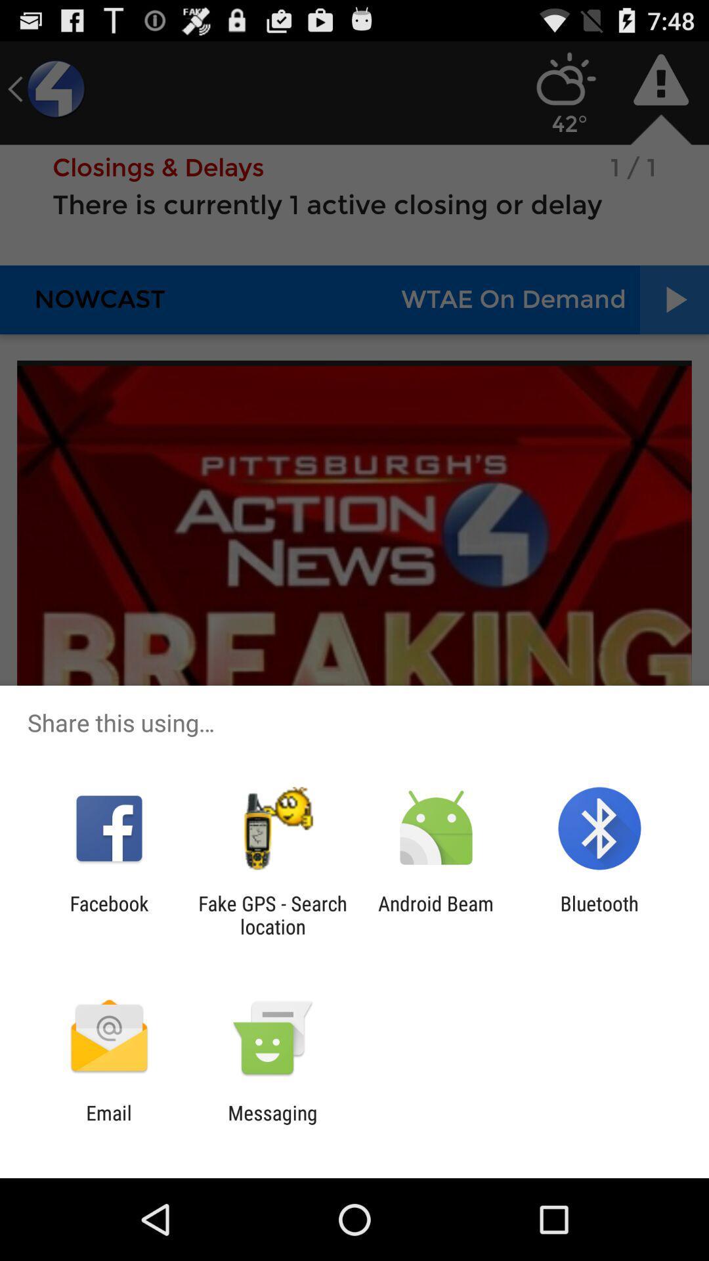  I want to click on the app next to the android beam item, so click(599, 914).